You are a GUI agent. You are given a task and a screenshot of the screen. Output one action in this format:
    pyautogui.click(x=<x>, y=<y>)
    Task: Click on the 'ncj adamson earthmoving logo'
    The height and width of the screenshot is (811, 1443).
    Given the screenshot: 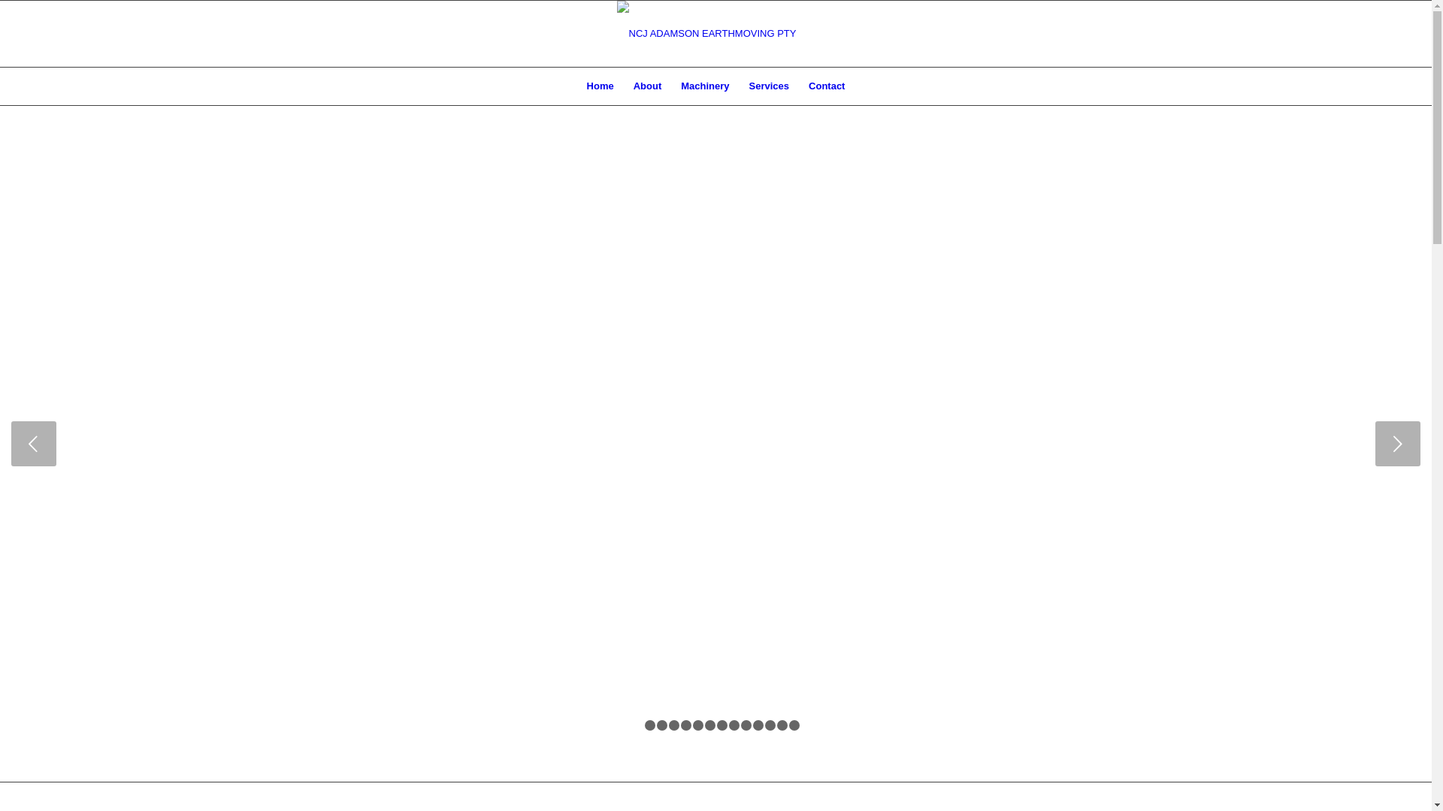 What is the action you would take?
    pyautogui.click(x=714, y=34)
    